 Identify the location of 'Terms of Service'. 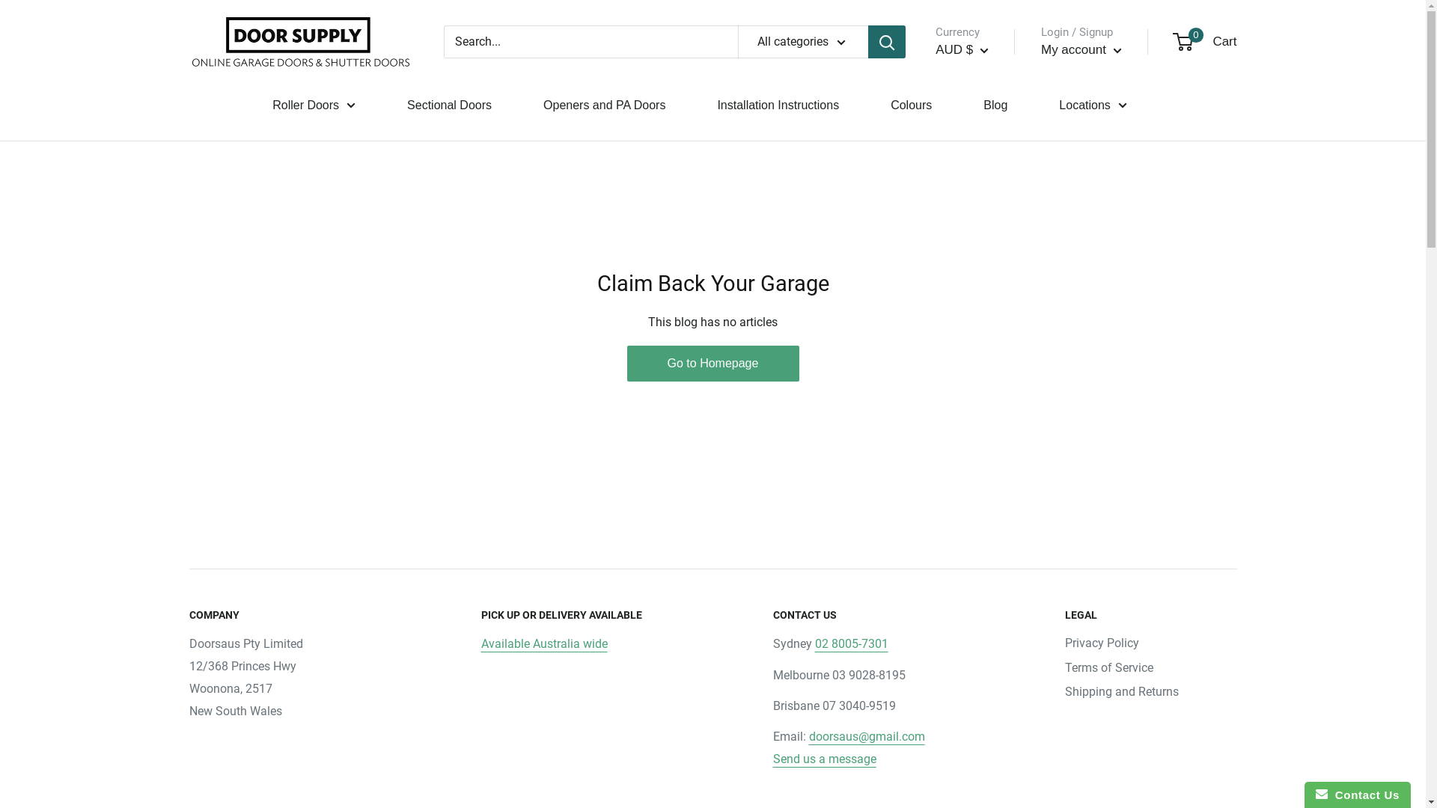
(1149, 667).